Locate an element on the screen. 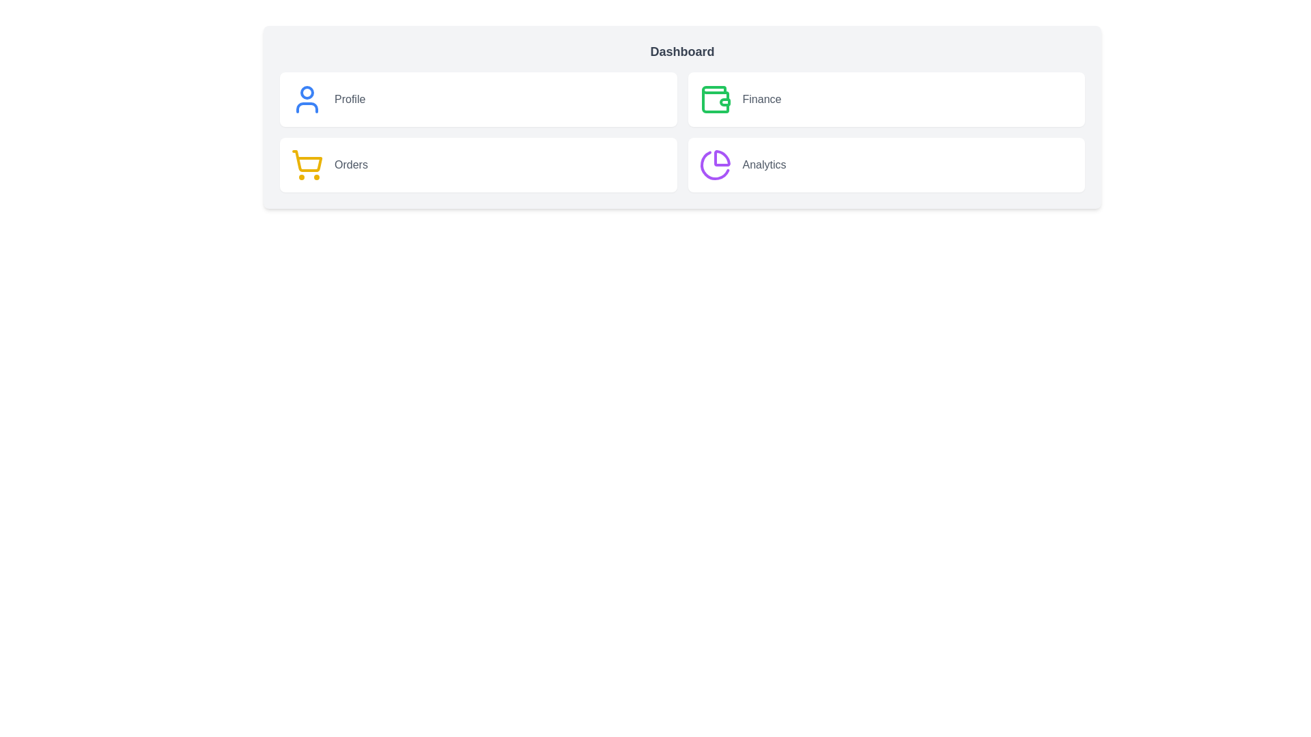 The image size is (1311, 737). the prominent yellow icon in the 'Orders' section located at the bottom-left of the card is located at coordinates (307, 160).